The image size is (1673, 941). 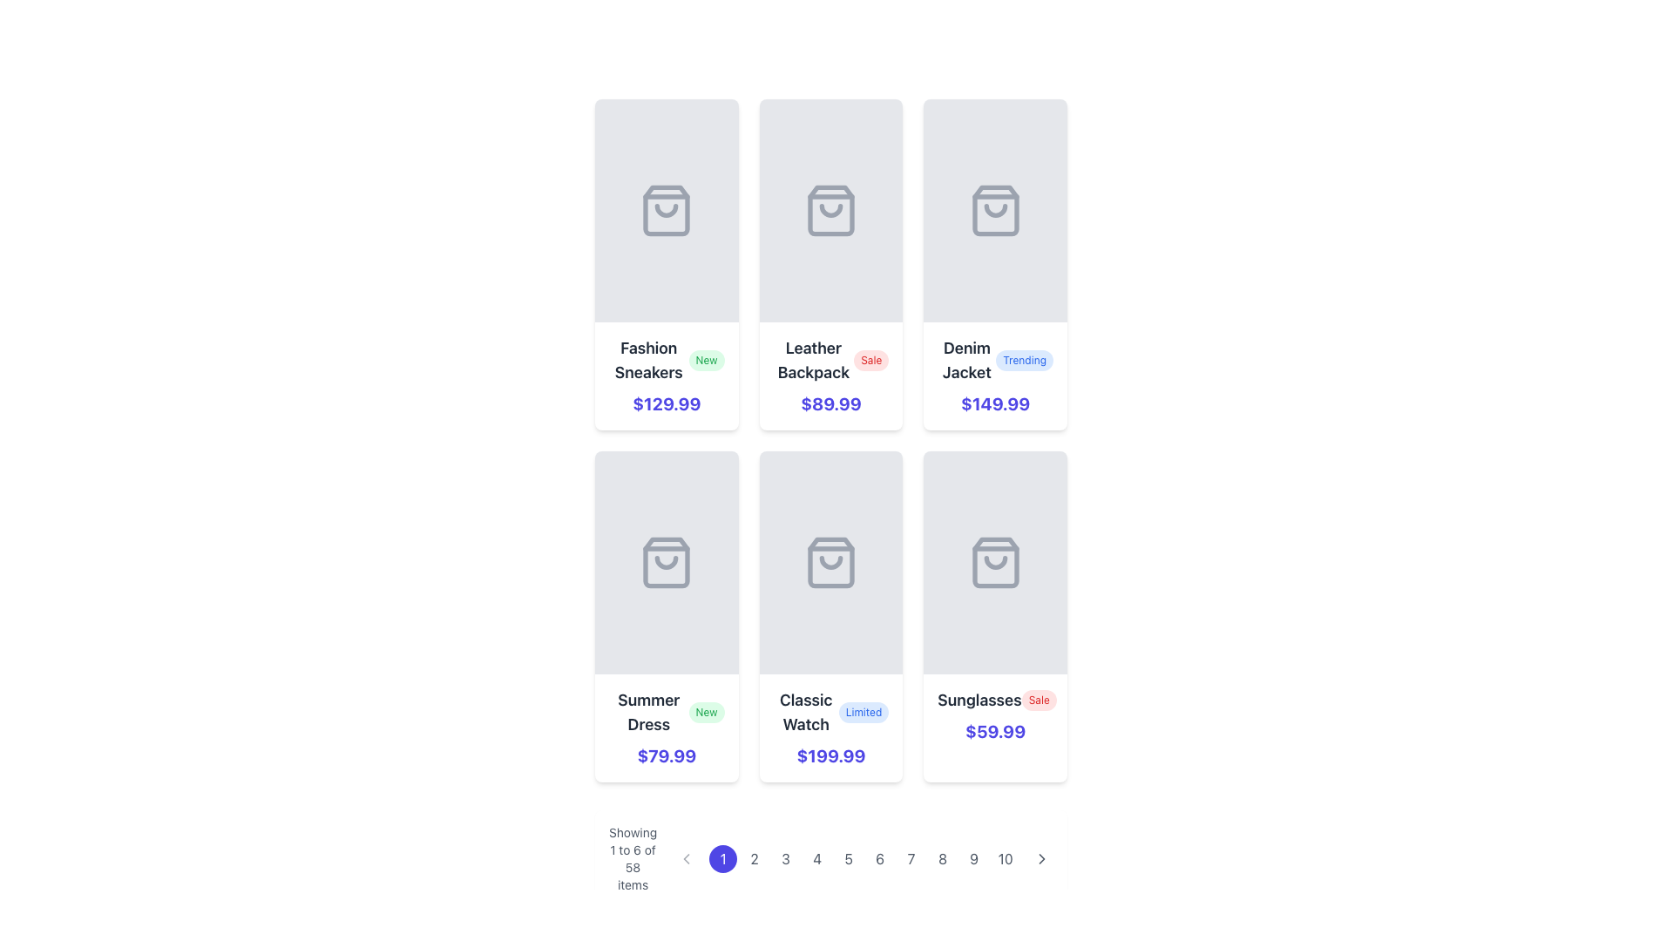 What do you see at coordinates (812, 359) in the screenshot?
I see `the 'Leather Backpack' text label, which serves as the product title in the first row of the grid layout, positioned left of the 'Sale' badge` at bounding box center [812, 359].